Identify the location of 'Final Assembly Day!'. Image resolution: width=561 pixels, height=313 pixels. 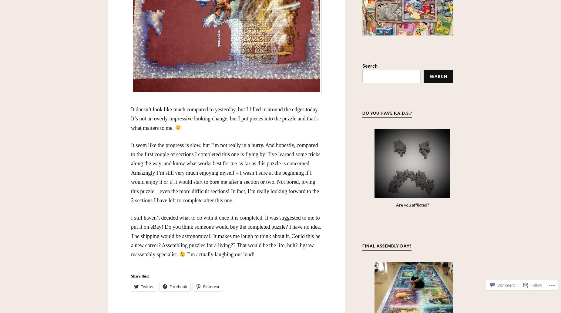
(386, 246).